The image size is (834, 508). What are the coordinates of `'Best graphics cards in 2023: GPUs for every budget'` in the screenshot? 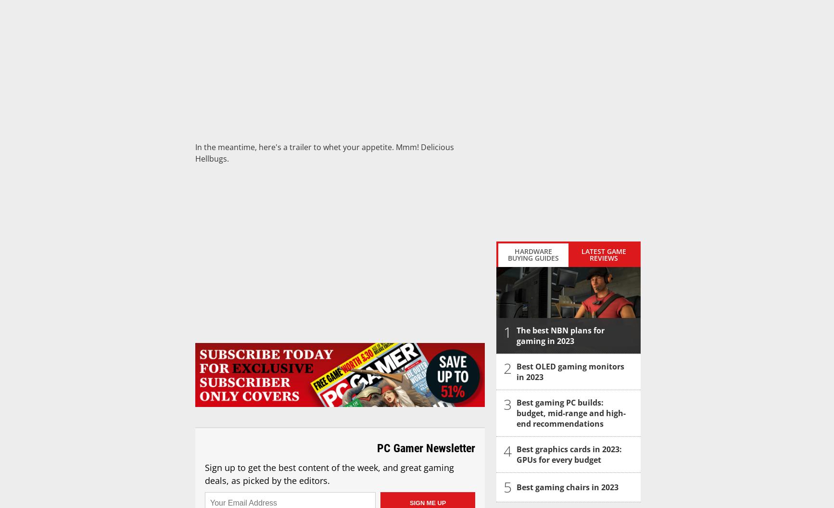 It's located at (569, 455).